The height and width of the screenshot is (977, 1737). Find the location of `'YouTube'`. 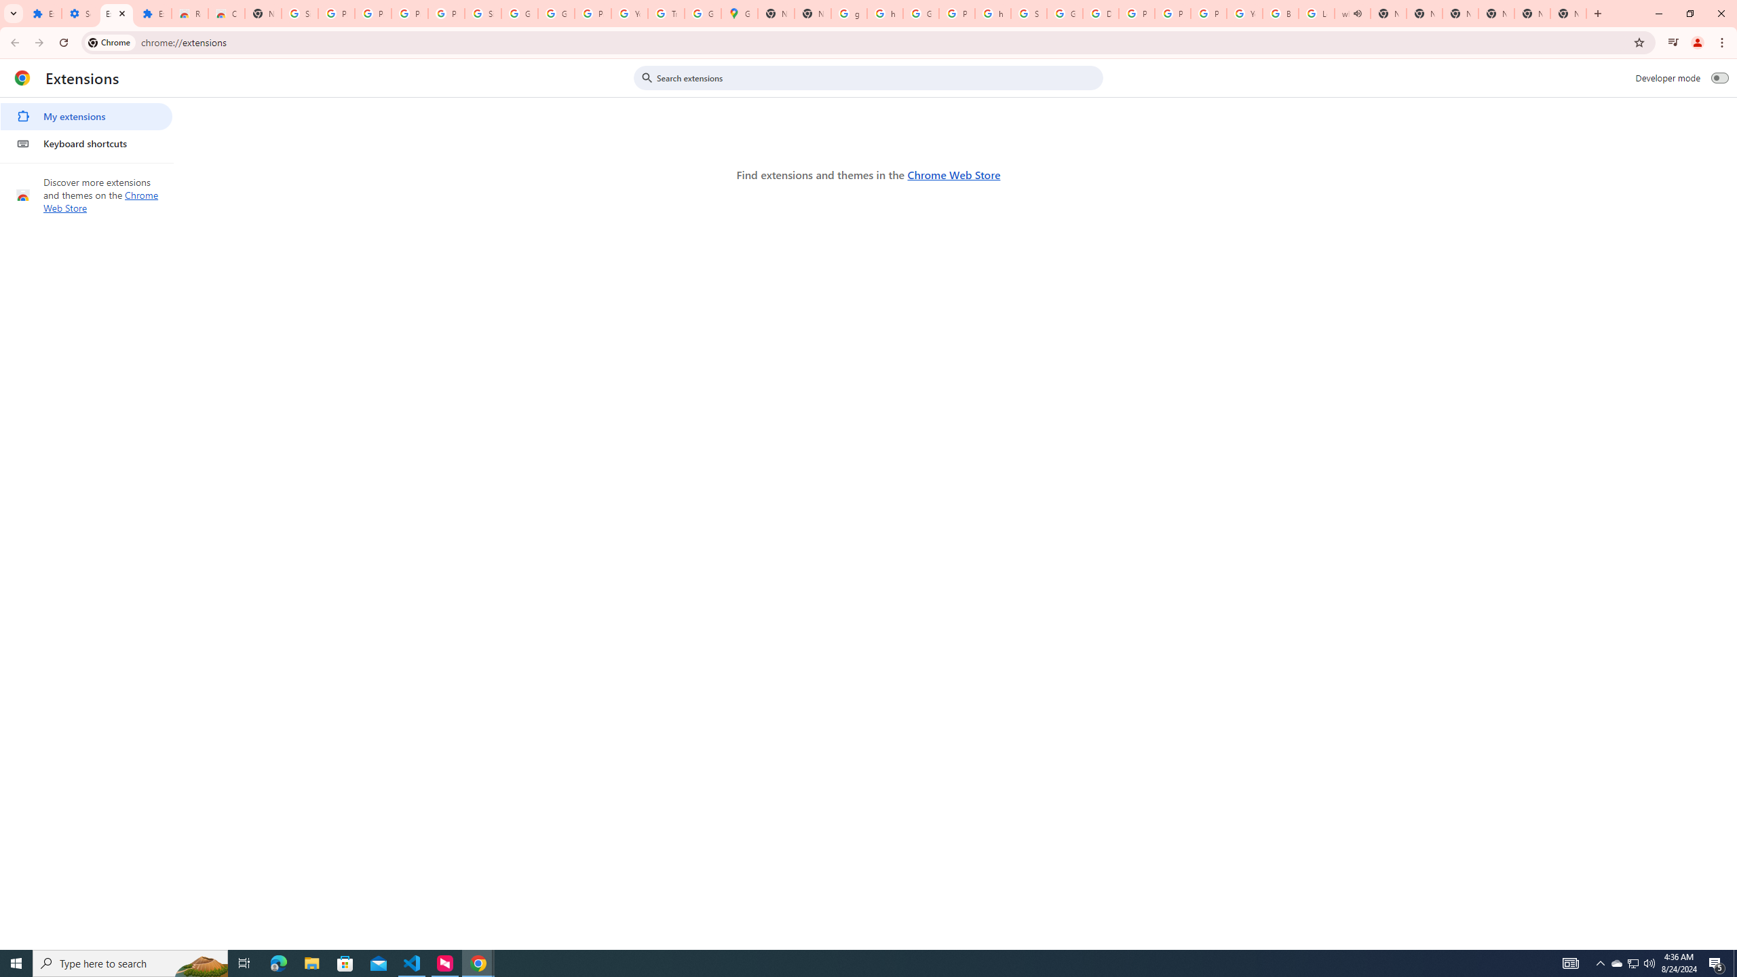

'YouTube' is located at coordinates (630, 13).